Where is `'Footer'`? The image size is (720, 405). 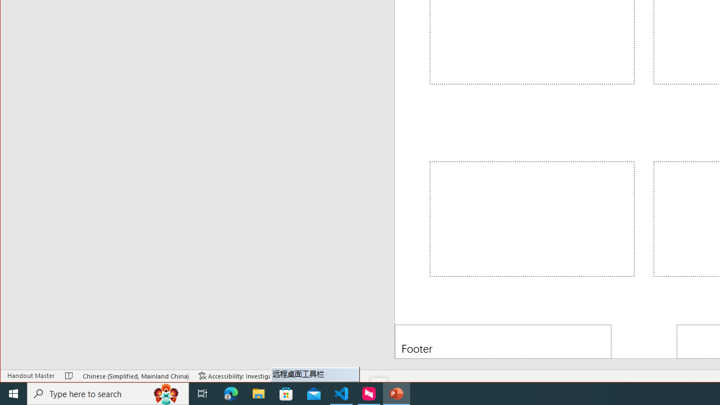 'Footer' is located at coordinates (502, 341).